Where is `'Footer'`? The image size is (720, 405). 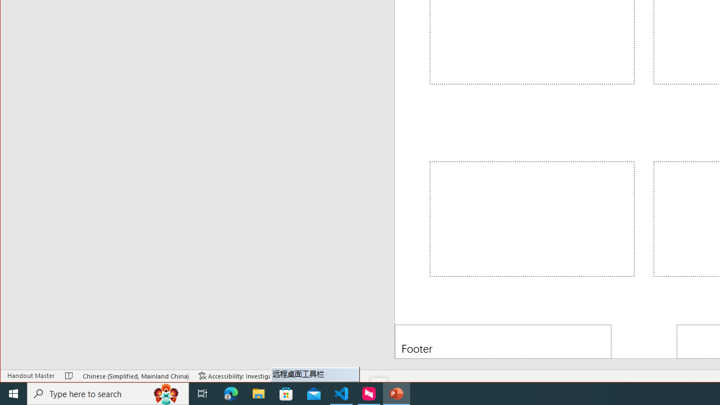 'Footer' is located at coordinates (502, 341).